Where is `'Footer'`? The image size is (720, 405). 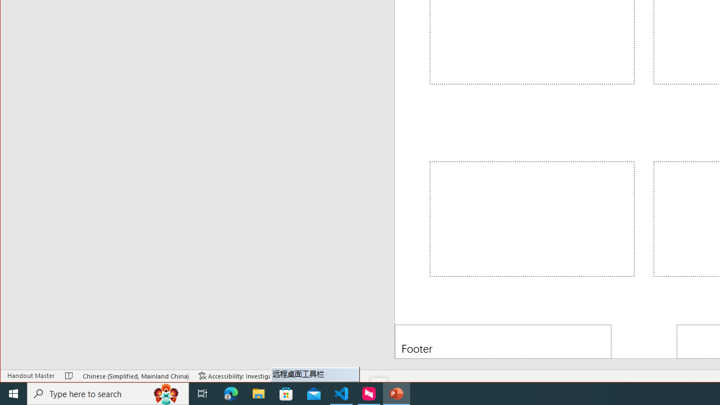 'Footer' is located at coordinates (502, 341).